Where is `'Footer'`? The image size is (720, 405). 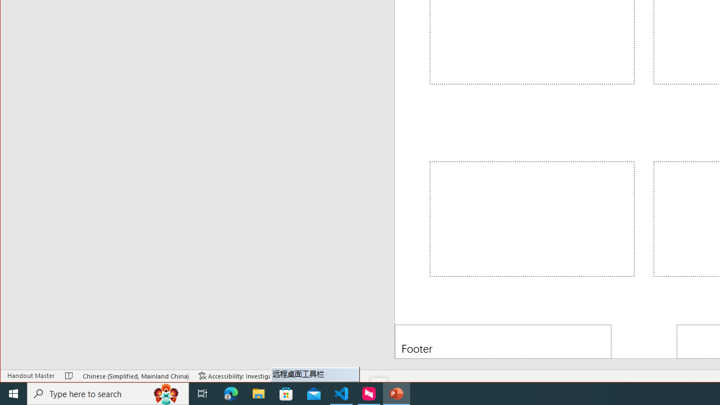 'Footer' is located at coordinates (502, 341).